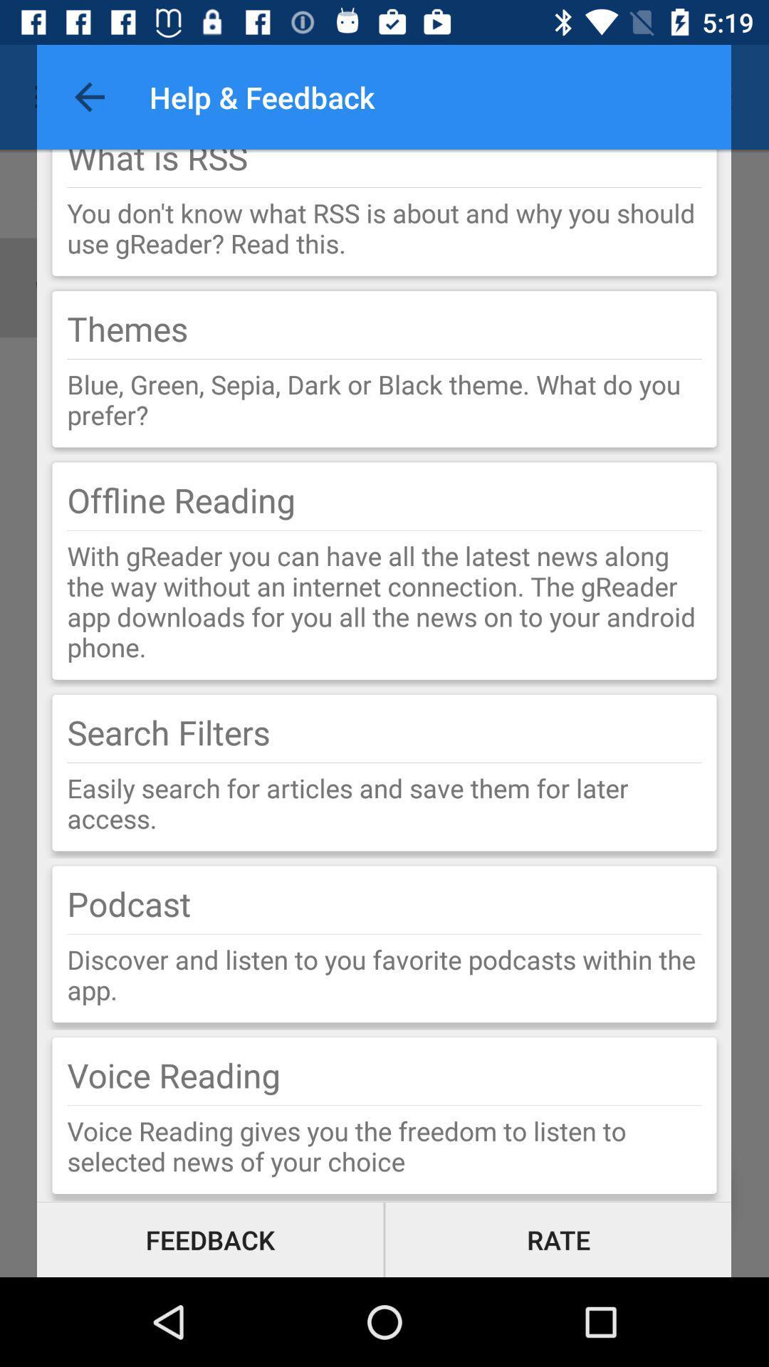  What do you see at coordinates (384, 974) in the screenshot?
I see `the discover and listen` at bounding box center [384, 974].